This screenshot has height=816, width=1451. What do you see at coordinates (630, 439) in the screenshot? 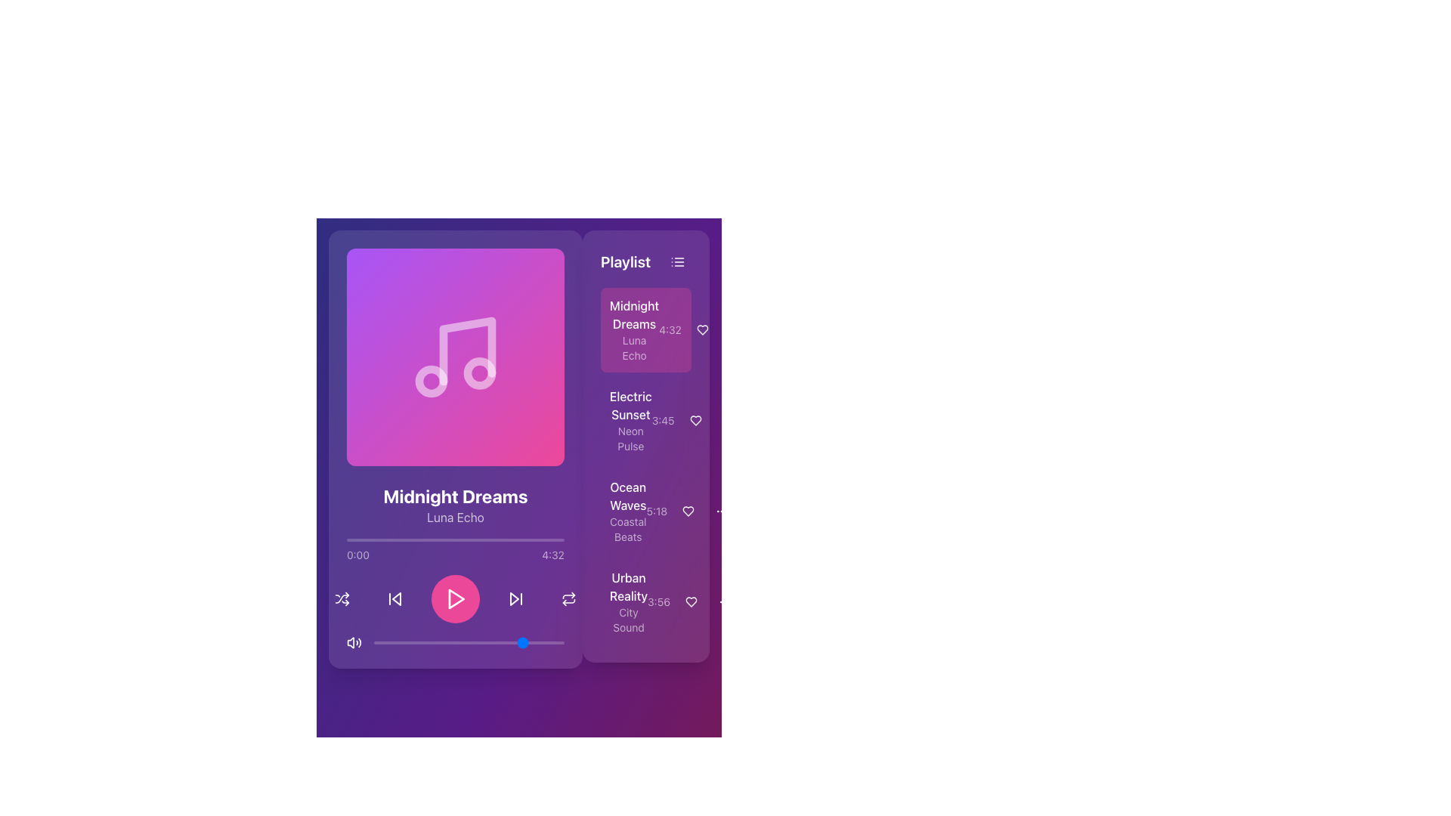
I see `the text label element that displays 'Neon Pulse', which is located beneath 'Electric Sunset' in the playlist section` at bounding box center [630, 439].